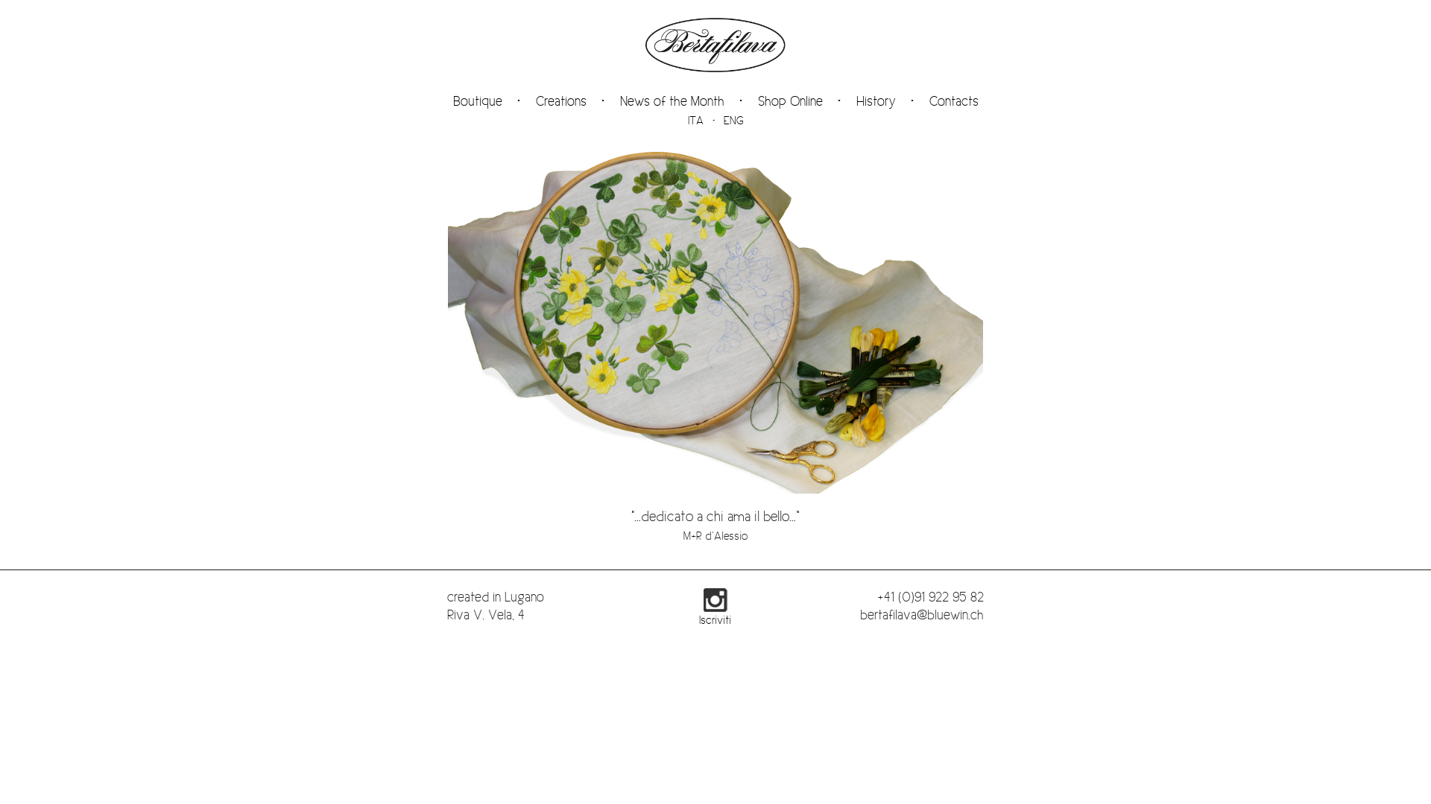 Image resolution: width=1431 pixels, height=804 pixels. What do you see at coordinates (722, 120) in the screenshot?
I see `'ENG'` at bounding box center [722, 120].